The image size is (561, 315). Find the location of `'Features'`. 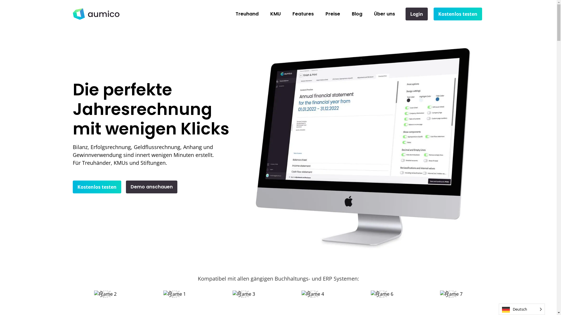

'Features' is located at coordinates (286, 13).